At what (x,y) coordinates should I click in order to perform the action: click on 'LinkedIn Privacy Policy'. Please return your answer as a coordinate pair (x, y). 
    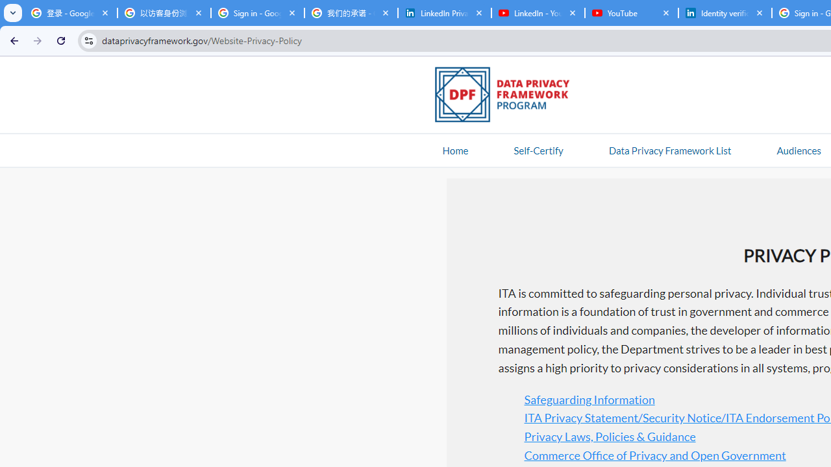
    Looking at the image, I should click on (444, 13).